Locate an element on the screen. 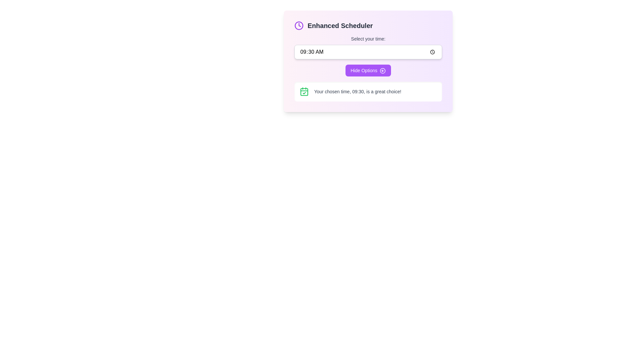 The image size is (633, 356). the directional icon indicating a return or back action, which is located within the 'Hide Options' button on the far-right side, adjacent to the button's text is located at coordinates (383, 71).